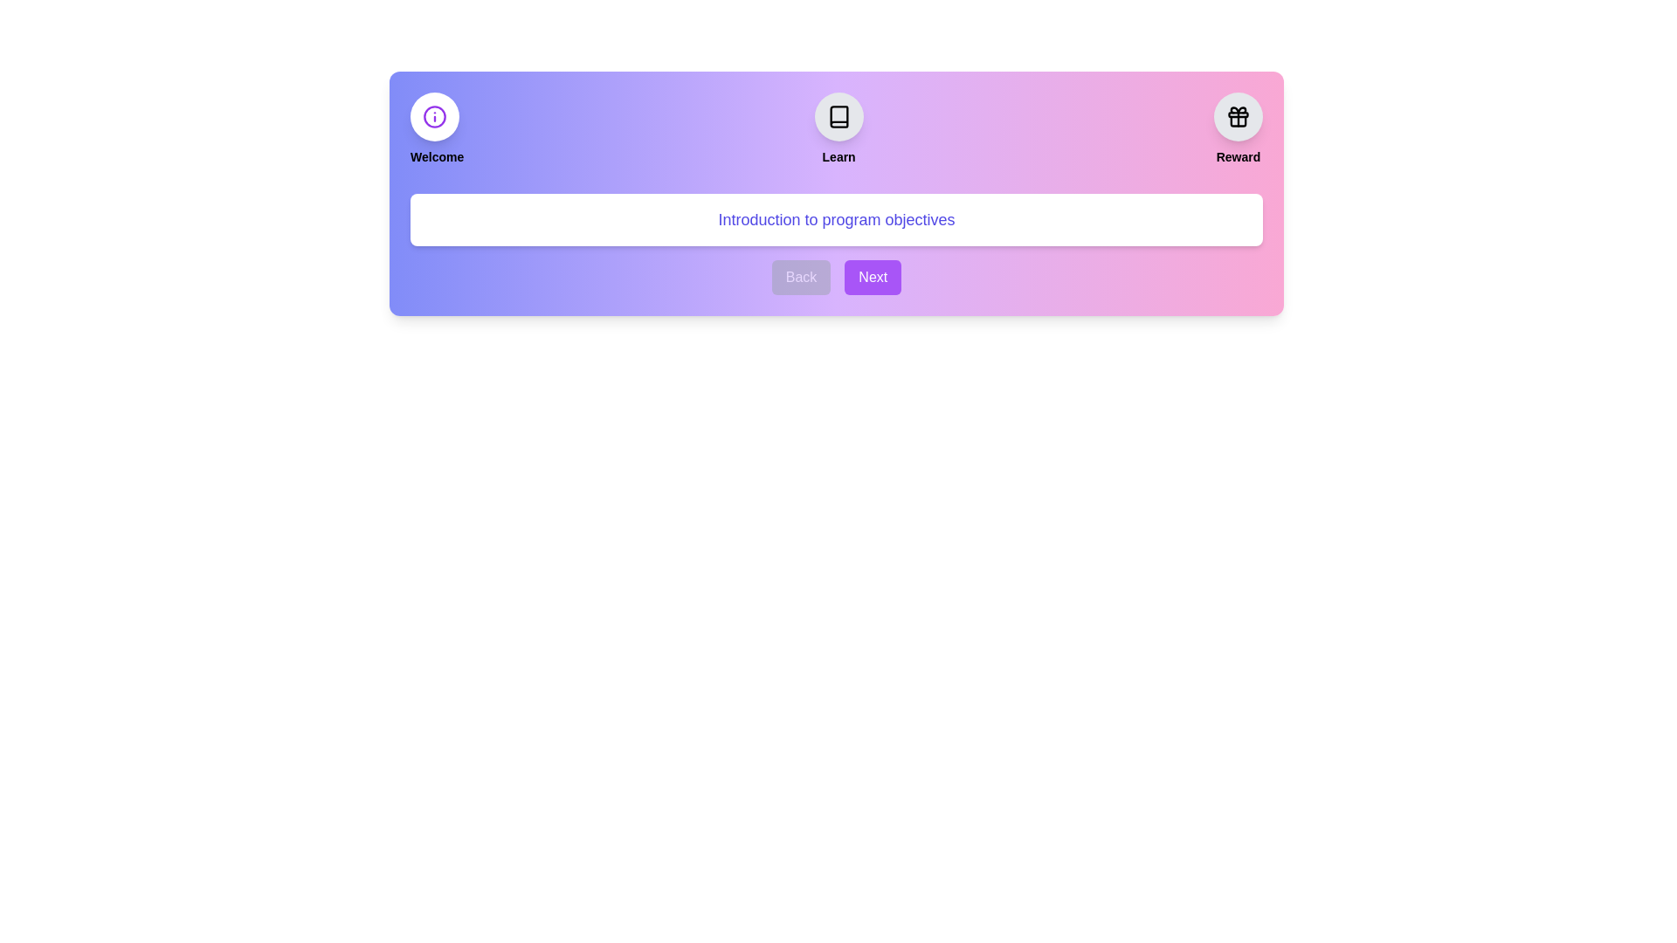  Describe the element at coordinates (836, 218) in the screenshot. I see `the description text area to read the current step's description` at that location.